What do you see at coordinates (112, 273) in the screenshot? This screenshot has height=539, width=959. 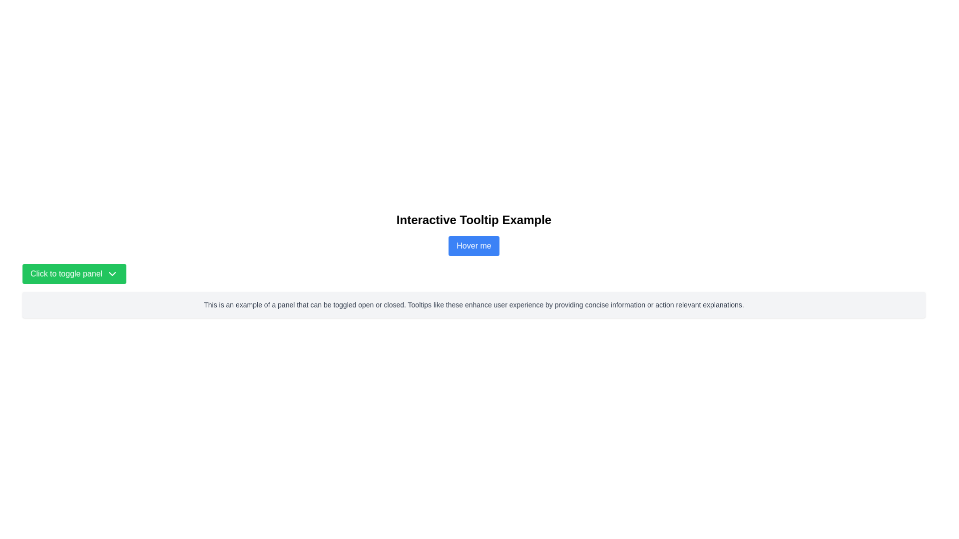 I see `the chevron icon located on the right side of the green button labeled 'Click to toggle panel'` at bounding box center [112, 273].